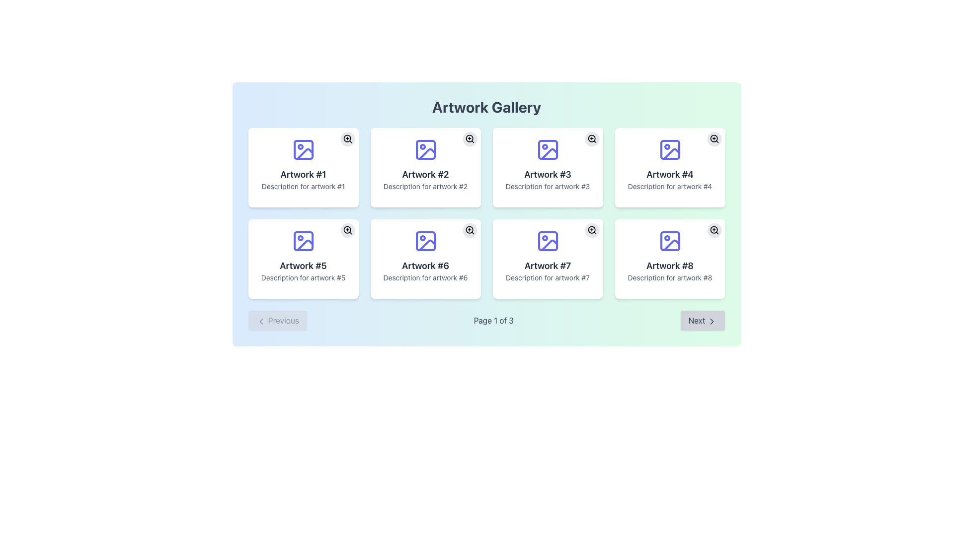  I want to click on the indigo framed image icon located centrally above the text 'Artwork #6' in the sixth card of the grid layout, so click(425, 241).